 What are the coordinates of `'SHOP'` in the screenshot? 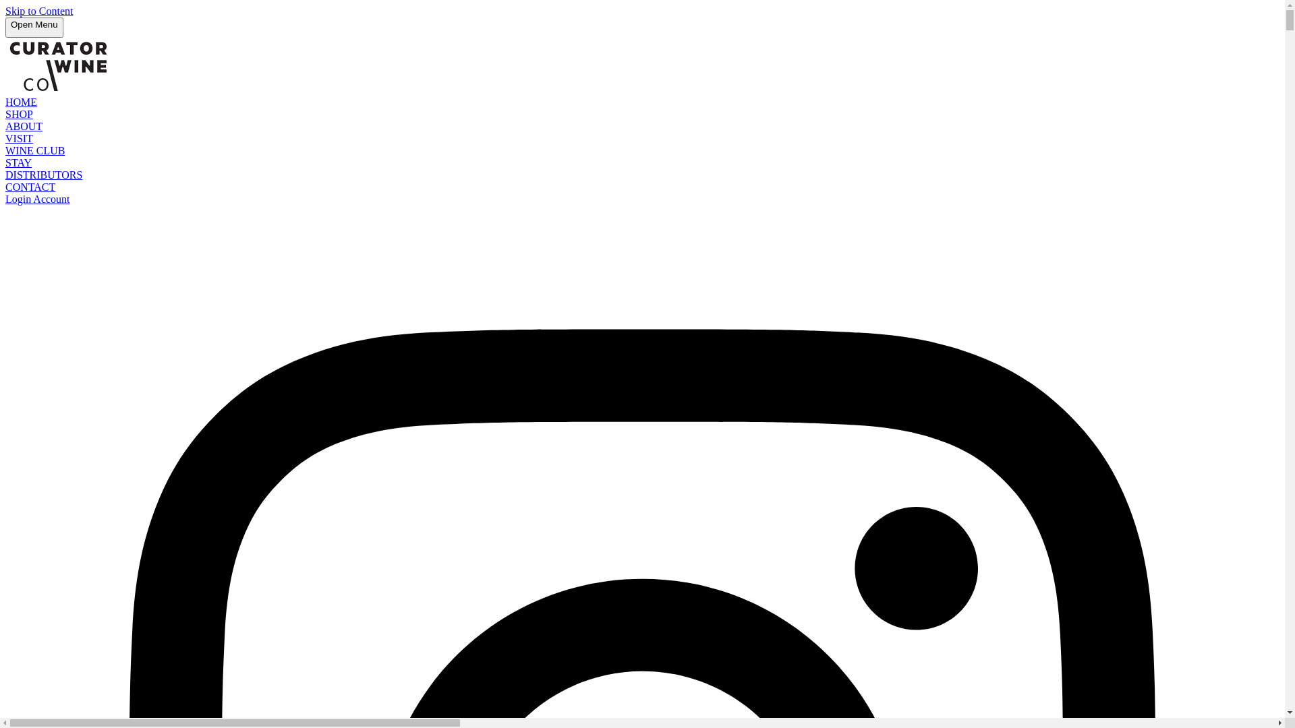 It's located at (19, 113).